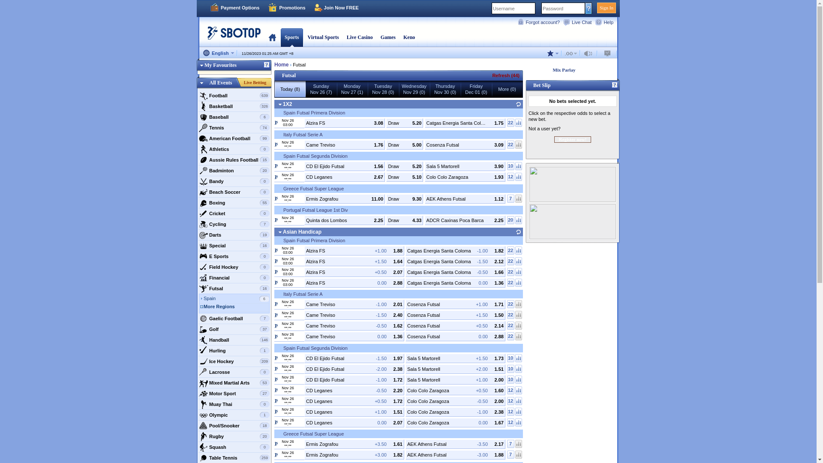 This screenshot has height=463, width=823. What do you see at coordinates (605, 21) in the screenshot?
I see `'Help'` at bounding box center [605, 21].